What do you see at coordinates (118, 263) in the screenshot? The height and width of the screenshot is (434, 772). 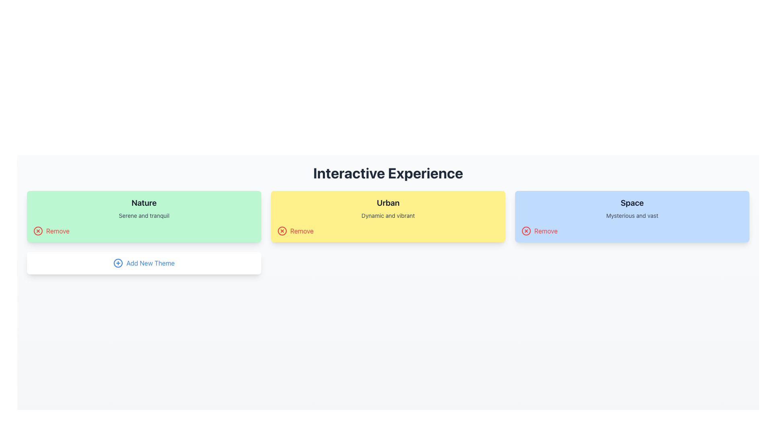 I see `the blue circular plus icon button labeled 'Add New Theme' located below the 'Nature' theme box` at bounding box center [118, 263].